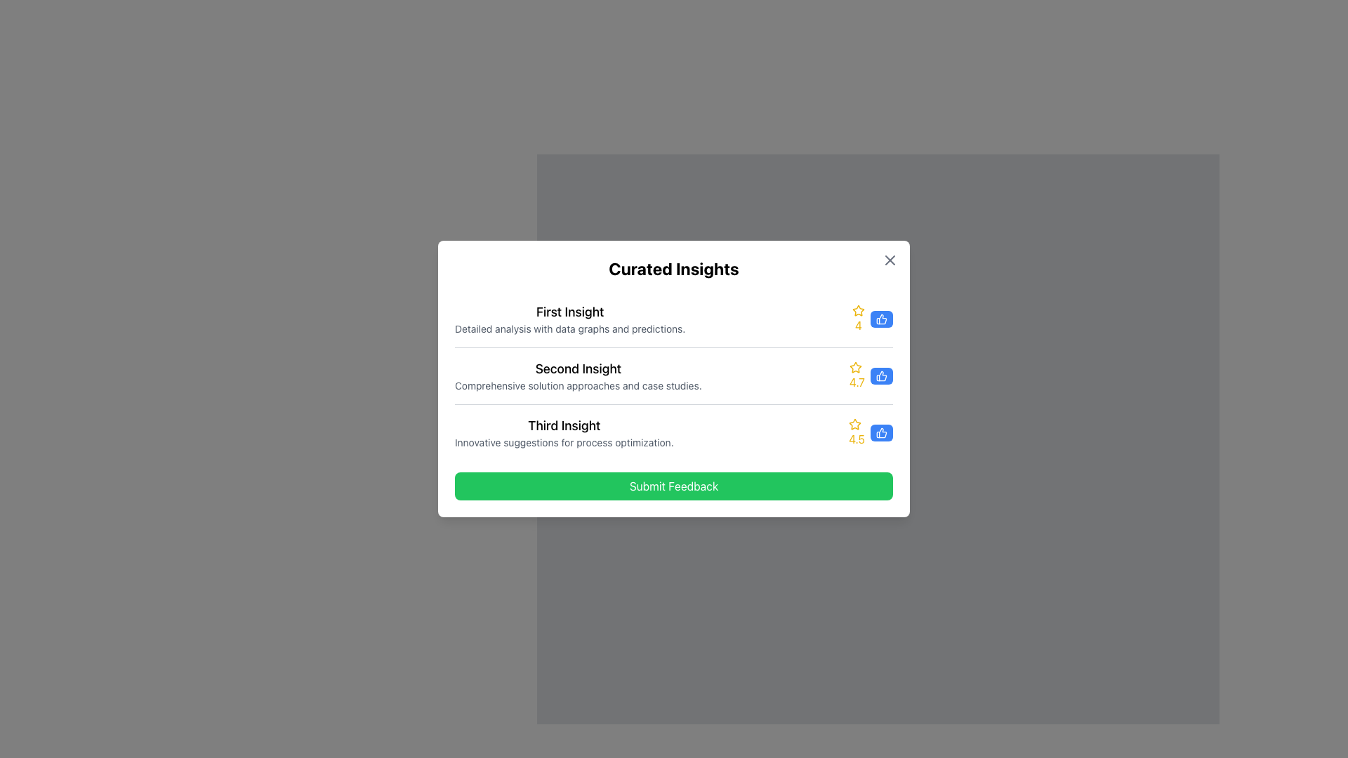 This screenshot has width=1348, height=758. I want to click on the small blue button with a thumbs-up icon located to the right of the yellow star icon and the digit '4', so click(881, 319).